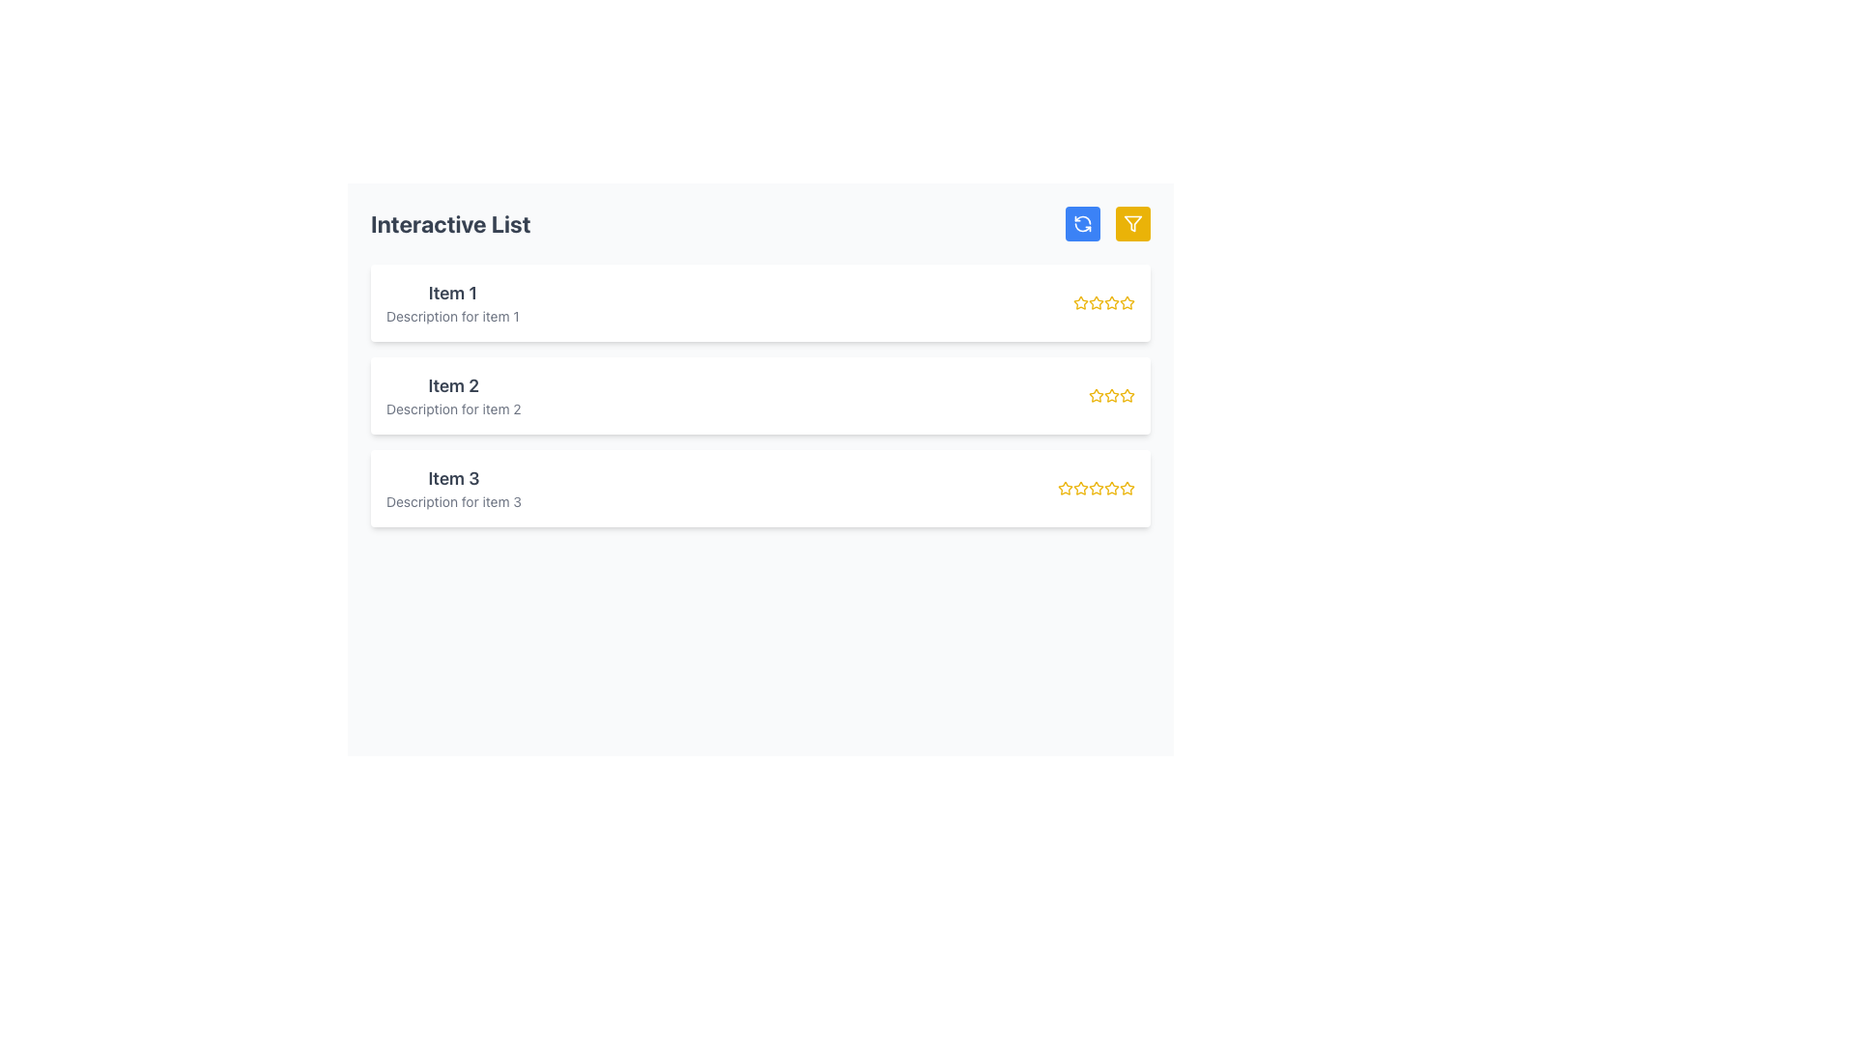 The width and height of the screenshot is (1855, 1043). What do you see at coordinates (452, 394) in the screenshot?
I see `text content of the second list item displayed within a card that is centered and has rounded corners, located between the 'Item 1' and 'Item 3' cards` at bounding box center [452, 394].